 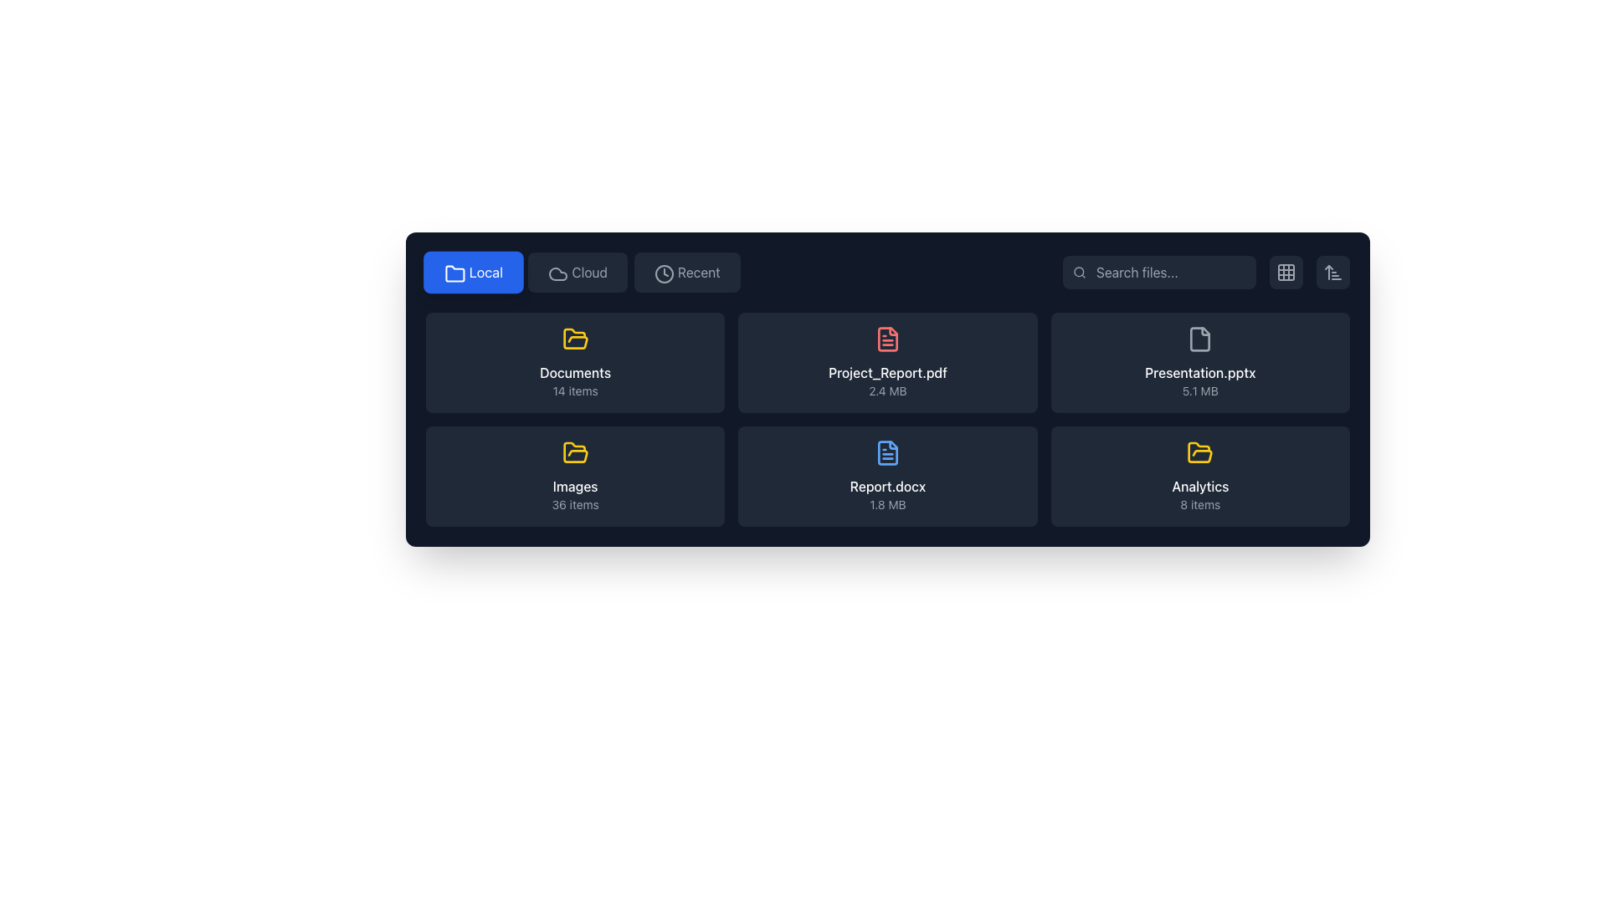 I want to click on the clock face icon in the 'Recent' tab, so click(x=663, y=273).